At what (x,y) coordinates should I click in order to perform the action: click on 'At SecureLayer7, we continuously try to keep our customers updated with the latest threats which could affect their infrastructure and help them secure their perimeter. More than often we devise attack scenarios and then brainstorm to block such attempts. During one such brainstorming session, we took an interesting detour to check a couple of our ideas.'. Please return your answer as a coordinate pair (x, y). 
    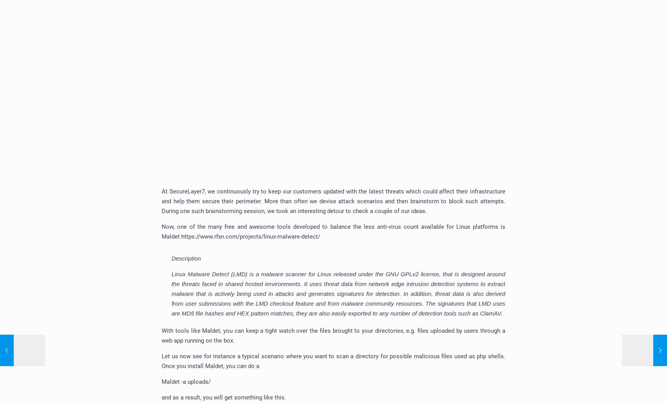
    Looking at the image, I should click on (161, 201).